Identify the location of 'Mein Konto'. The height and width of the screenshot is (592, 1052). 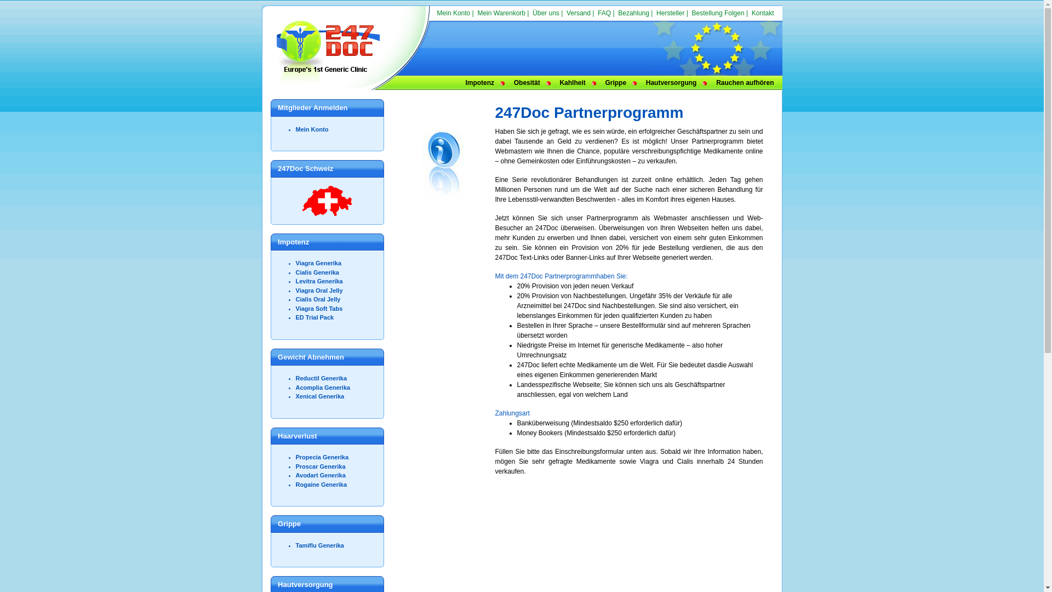
(312, 128).